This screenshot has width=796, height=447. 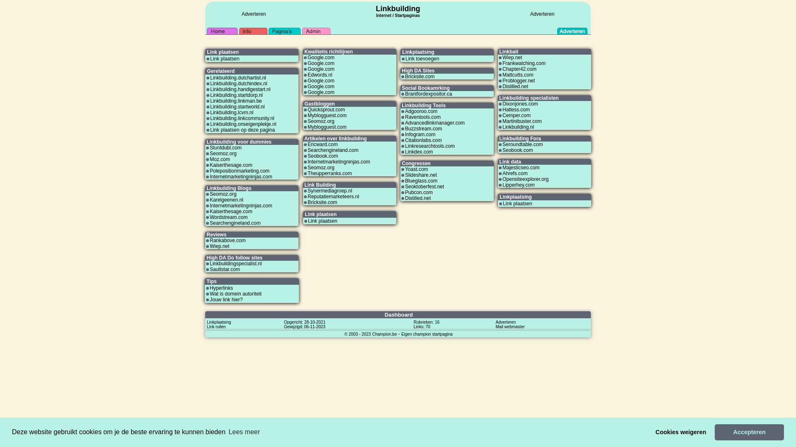 What do you see at coordinates (228, 216) in the screenshot?
I see `'Wordstream.com'` at bounding box center [228, 216].